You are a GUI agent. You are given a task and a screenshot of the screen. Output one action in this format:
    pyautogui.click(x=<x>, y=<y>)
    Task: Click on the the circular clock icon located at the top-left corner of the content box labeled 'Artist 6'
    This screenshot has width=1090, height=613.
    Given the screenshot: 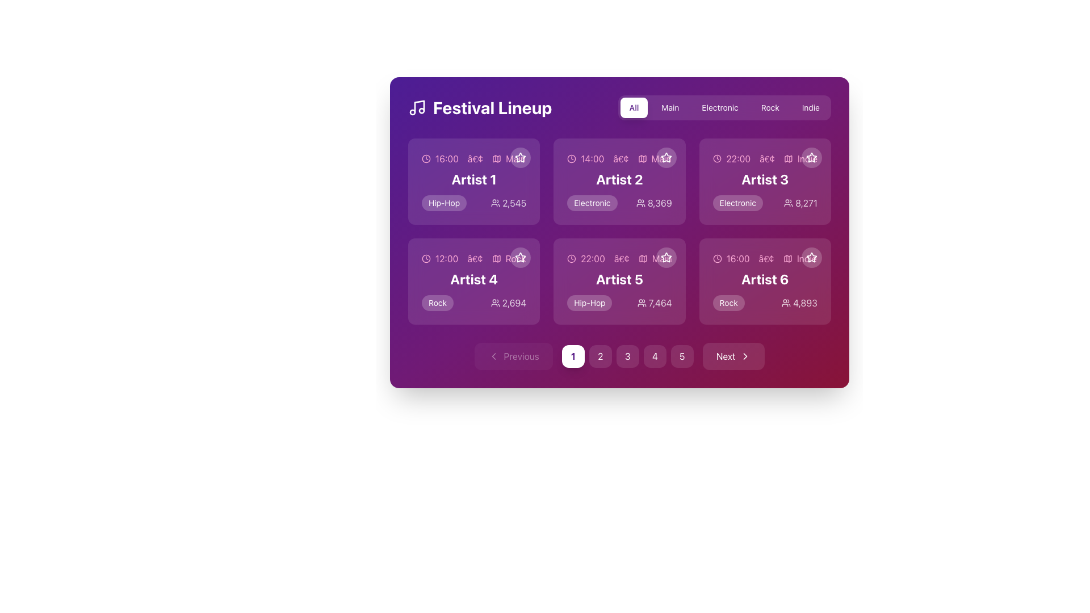 What is the action you would take?
    pyautogui.click(x=716, y=258)
    